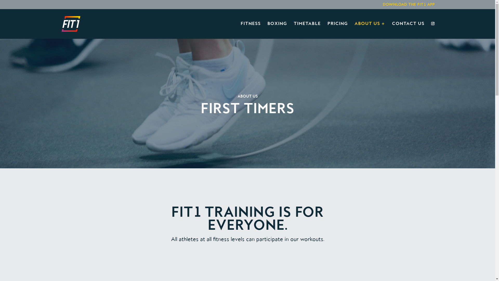 This screenshot has height=281, width=499. Describe the element at coordinates (327, 30) in the screenshot. I see `'PRICING'` at that location.